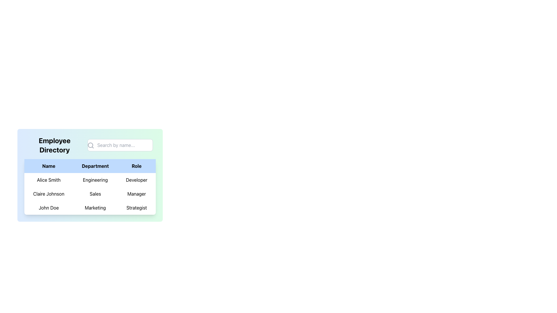  What do you see at coordinates (136, 194) in the screenshot?
I see `the static text element indicating the role 'Manager' of the employee 'Claire Johnson' in the directory table` at bounding box center [136, 194].